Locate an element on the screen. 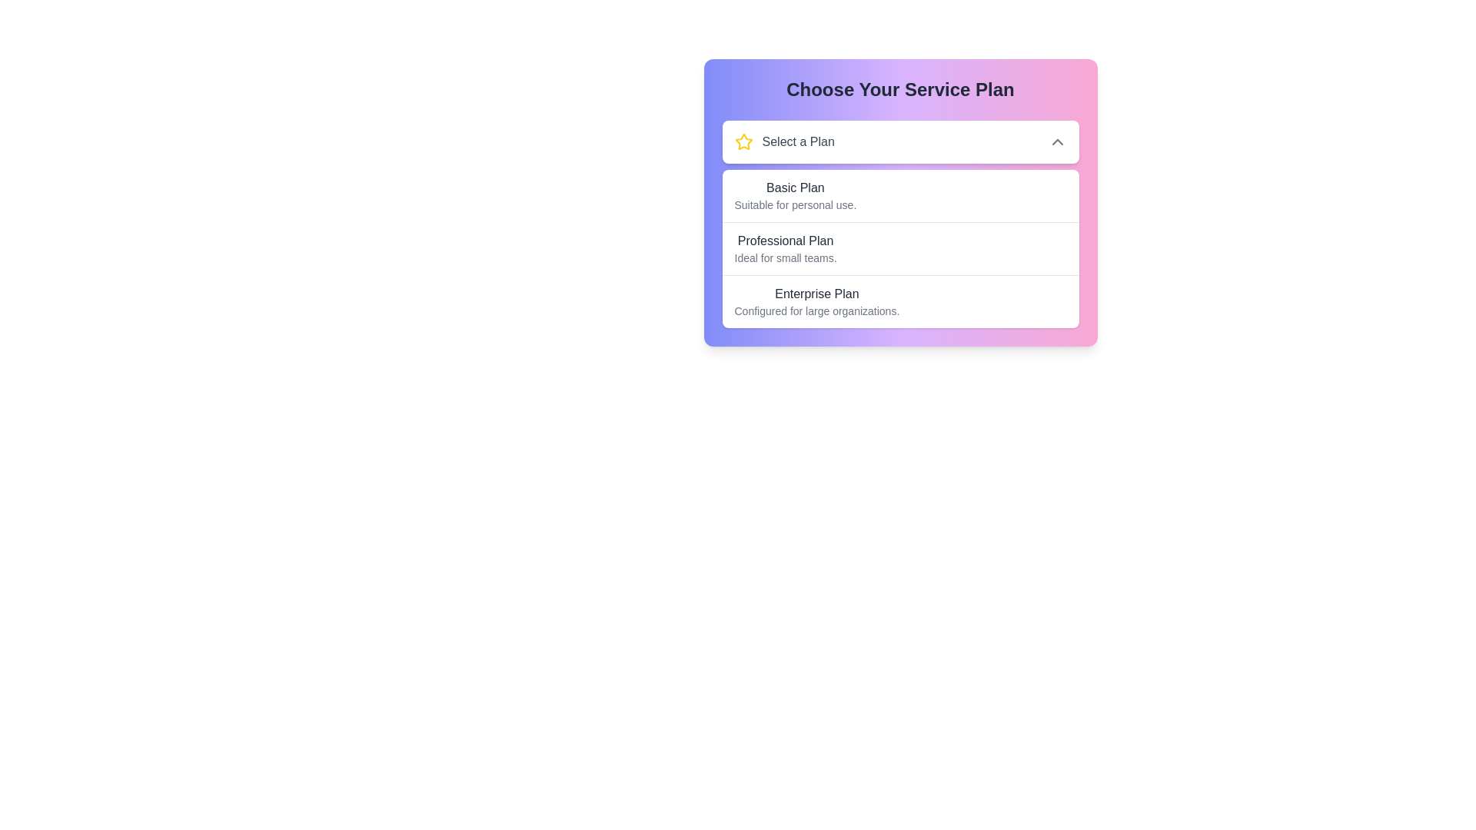  descriptive text located below the 'Enterprise Plan' option, which provides additional information about the plan for large organizations is located at coordinates (816, 311).